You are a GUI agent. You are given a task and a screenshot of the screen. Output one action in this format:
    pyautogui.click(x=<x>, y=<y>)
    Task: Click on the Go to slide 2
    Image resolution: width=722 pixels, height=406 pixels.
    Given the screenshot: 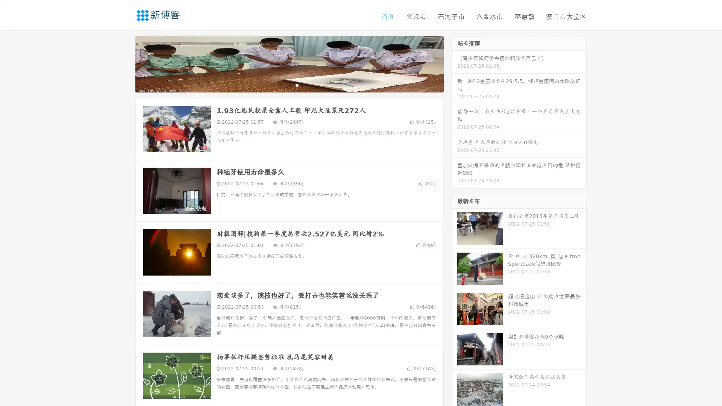 What is the action you would take?
    pyautogui.click(x=289, y=85)
    